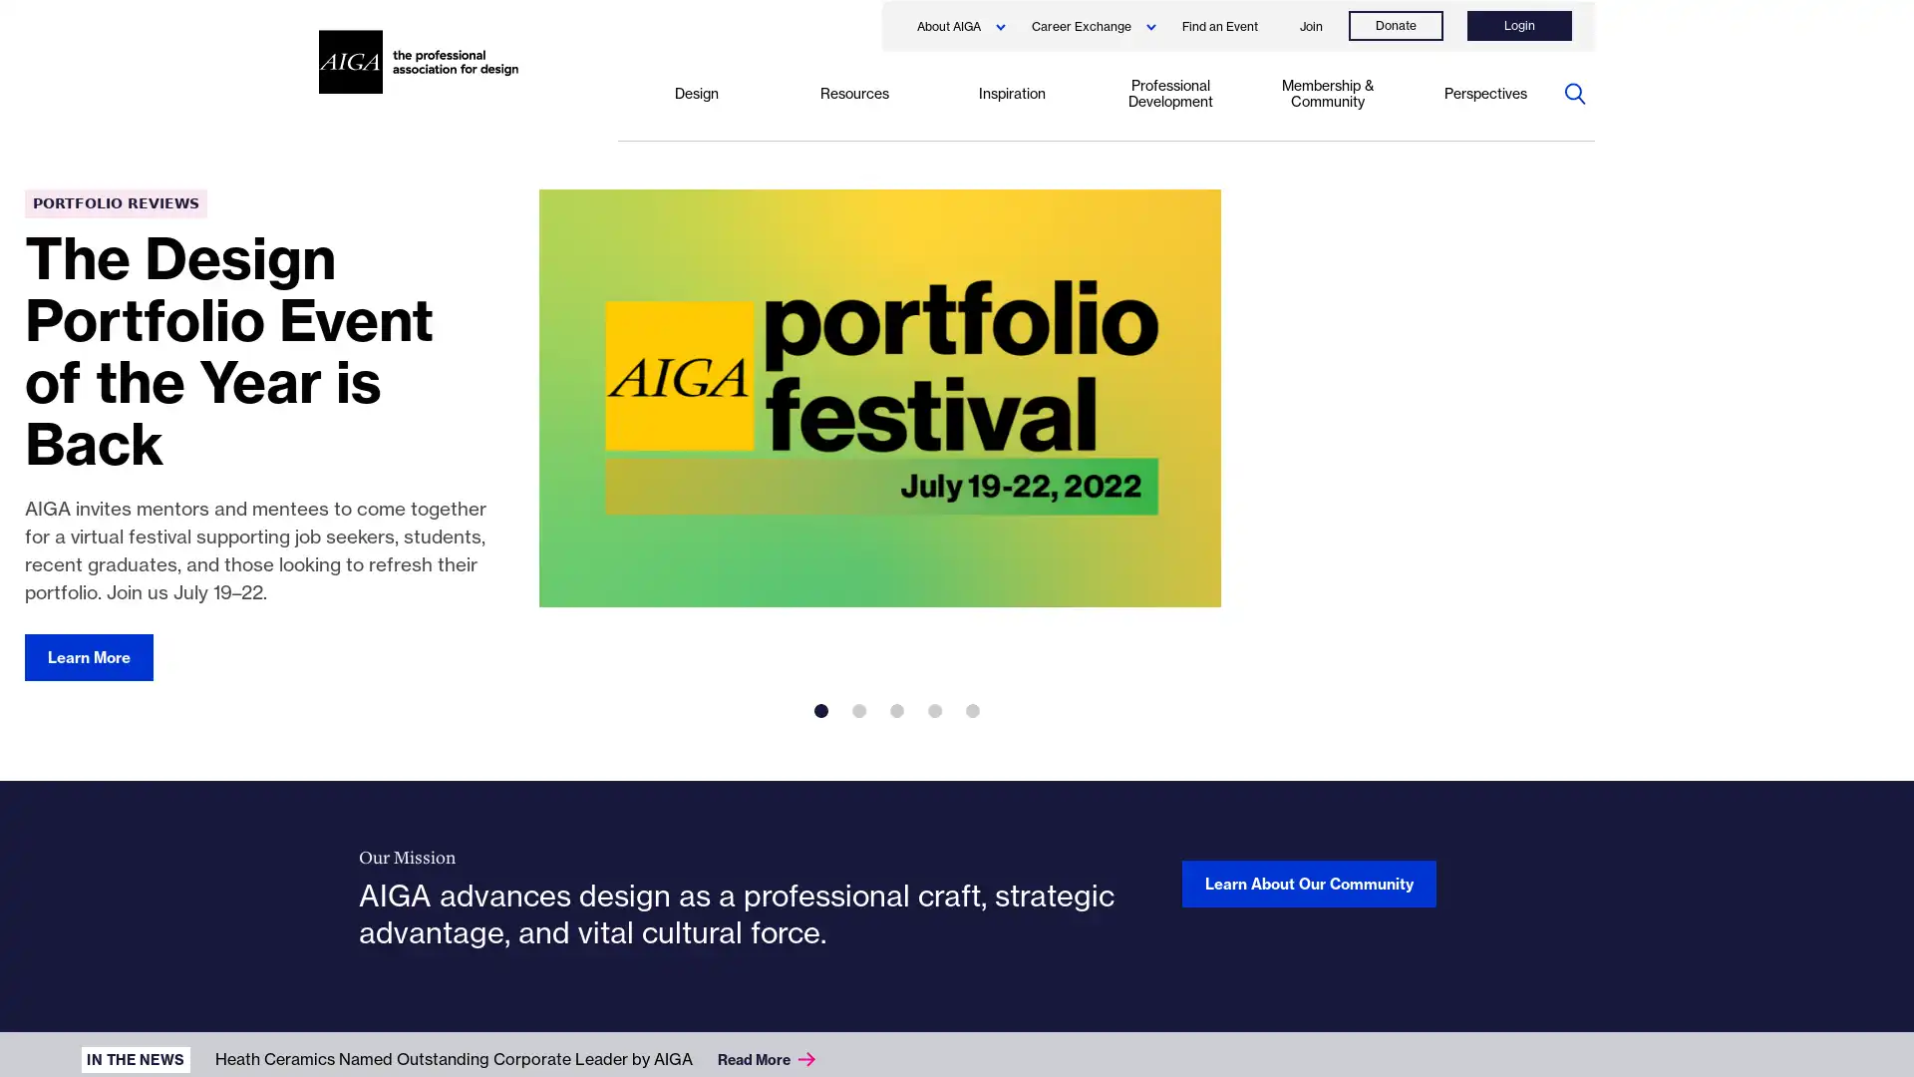 This screenshot has height=1077, width=1914. I want to click on 5 of 5, so click(972, 710).